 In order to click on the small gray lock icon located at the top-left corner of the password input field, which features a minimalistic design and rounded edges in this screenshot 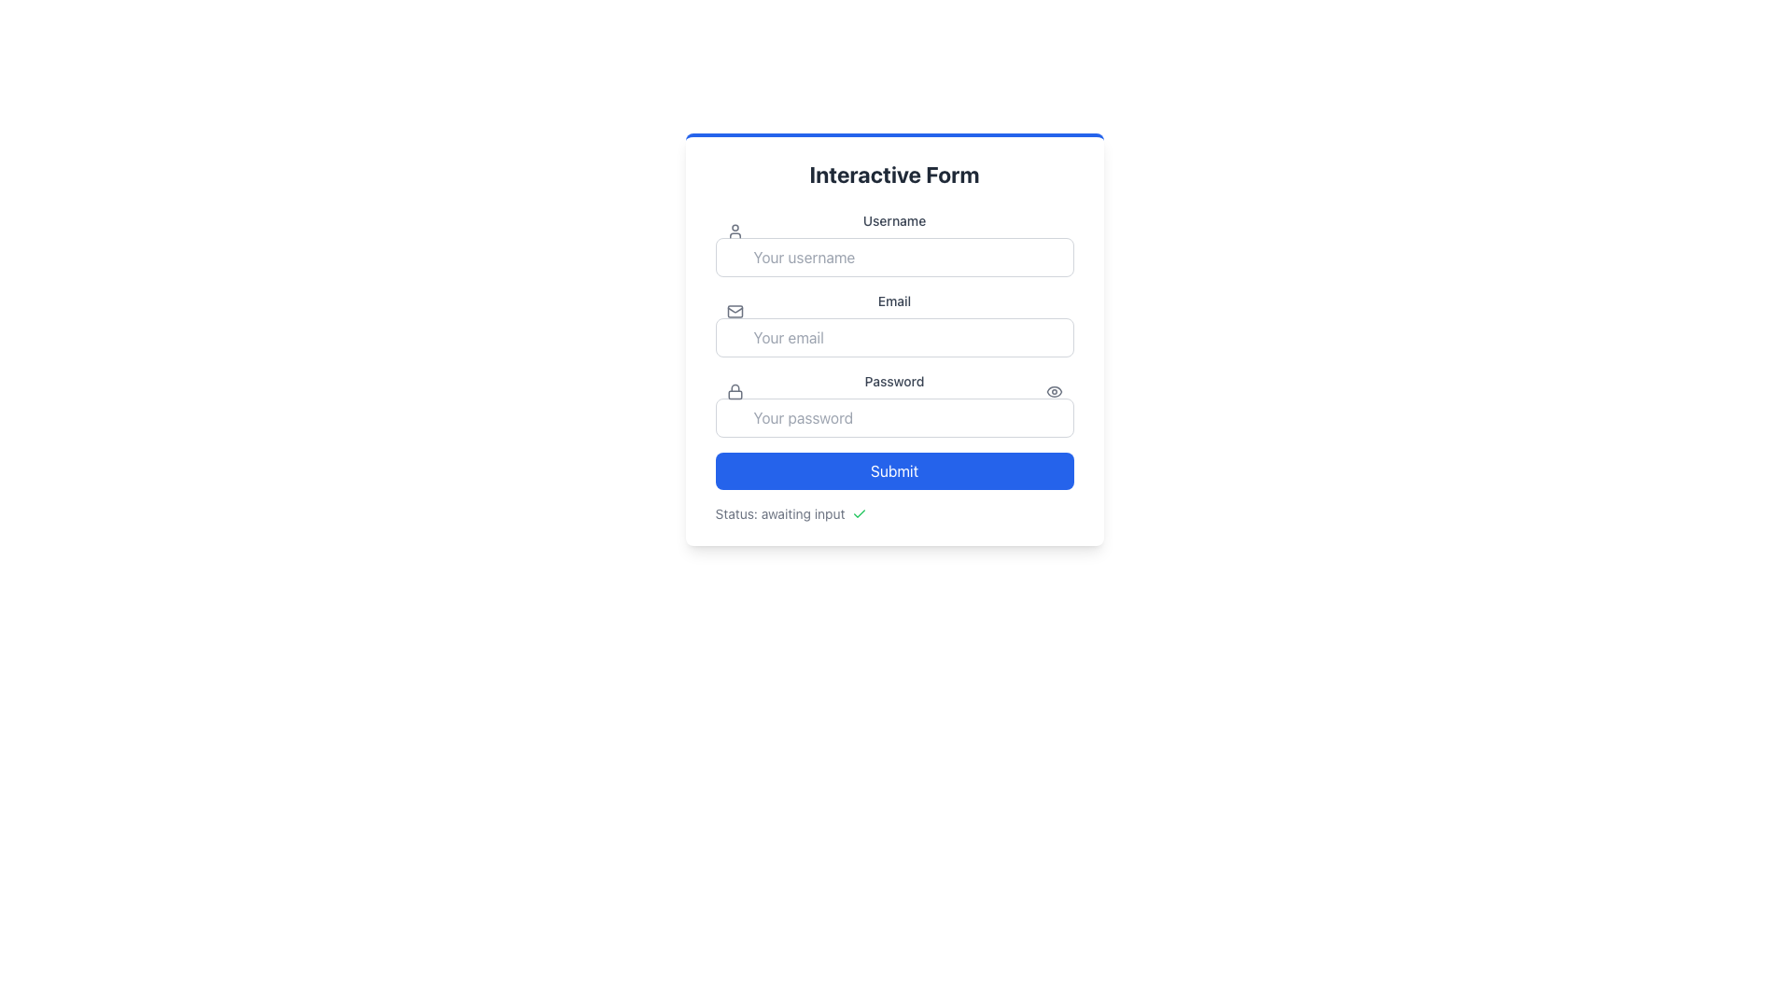, I will do `click(734, 391)`.